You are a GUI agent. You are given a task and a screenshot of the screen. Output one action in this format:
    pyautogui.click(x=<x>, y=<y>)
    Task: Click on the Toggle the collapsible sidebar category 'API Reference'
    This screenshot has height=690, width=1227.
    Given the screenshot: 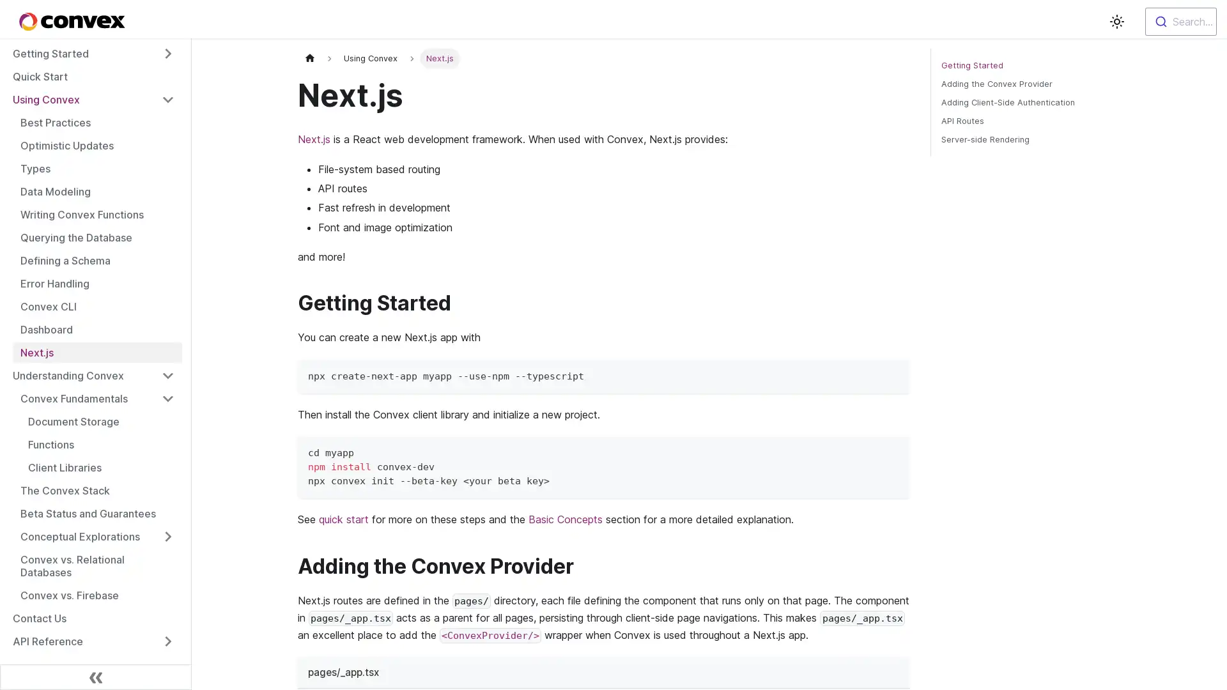 What is the action you would take?
    pyautogui.click(x=167, y=641)
    